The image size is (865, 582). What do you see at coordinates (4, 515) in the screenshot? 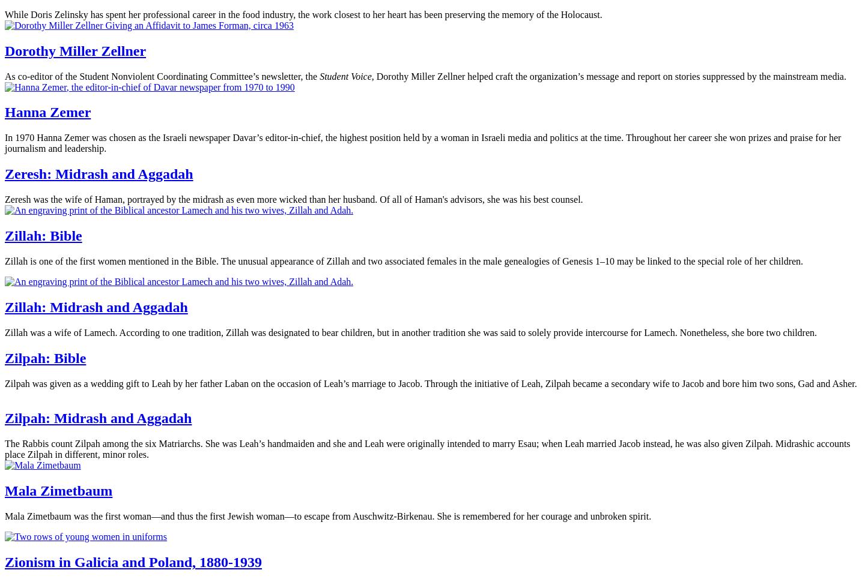
I see `'Mala Zimetbaum was the first woman—and thus the first Jewish woman—to escape from Auschwitz-Birkenau. She is remembered for her courage and unbroken spirit.'` at bounding box center [4, 515].